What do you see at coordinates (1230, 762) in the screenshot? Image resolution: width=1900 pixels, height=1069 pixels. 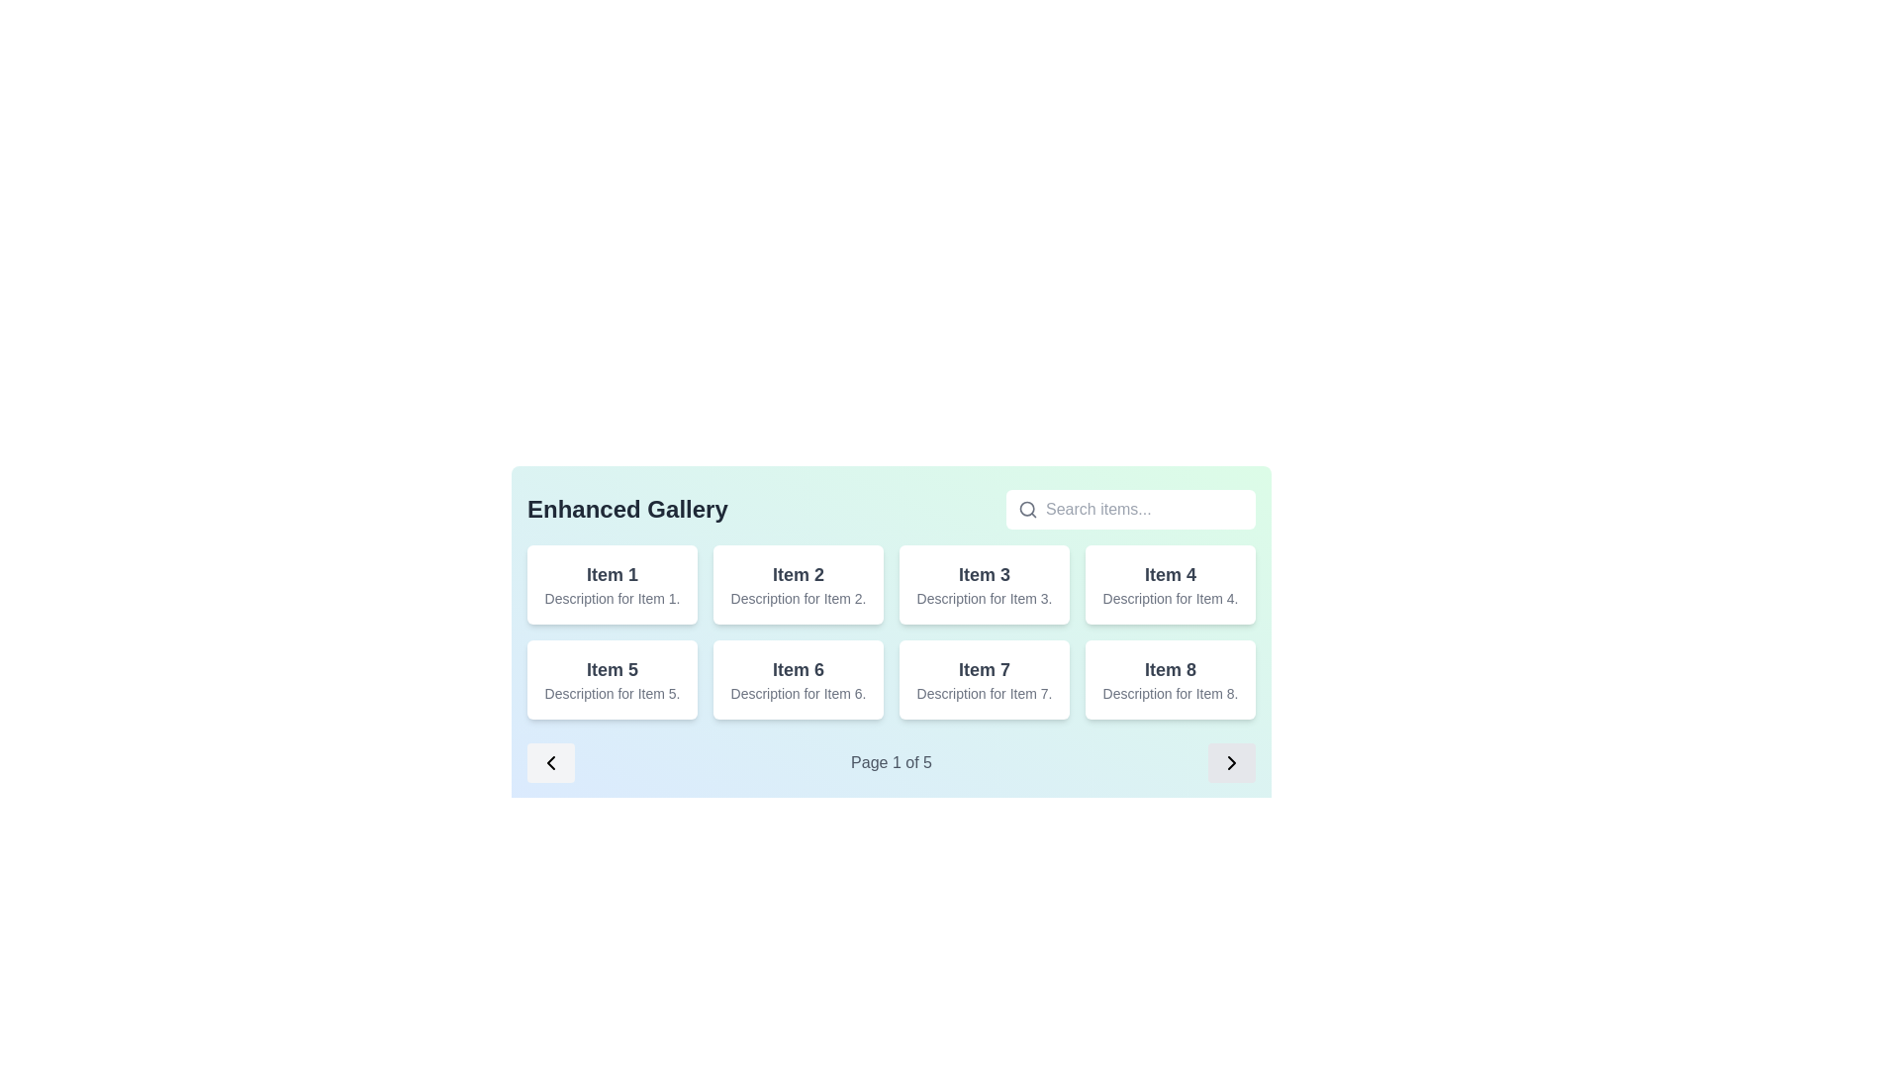 I see `the rightward-pointing chevron icon, which is part of a navigation control and located near the bottom-right corner of the interface, adjacent to a pagination indicator` at bounding box center [1230, 762].